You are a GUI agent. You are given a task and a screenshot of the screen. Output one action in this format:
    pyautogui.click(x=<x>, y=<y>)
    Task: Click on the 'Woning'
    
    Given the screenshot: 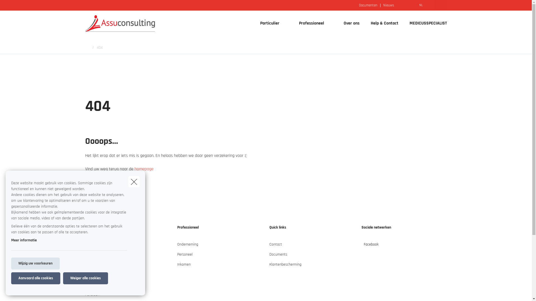 What is the action you would take?
    pyautogui.click(x=91, y=257)
    